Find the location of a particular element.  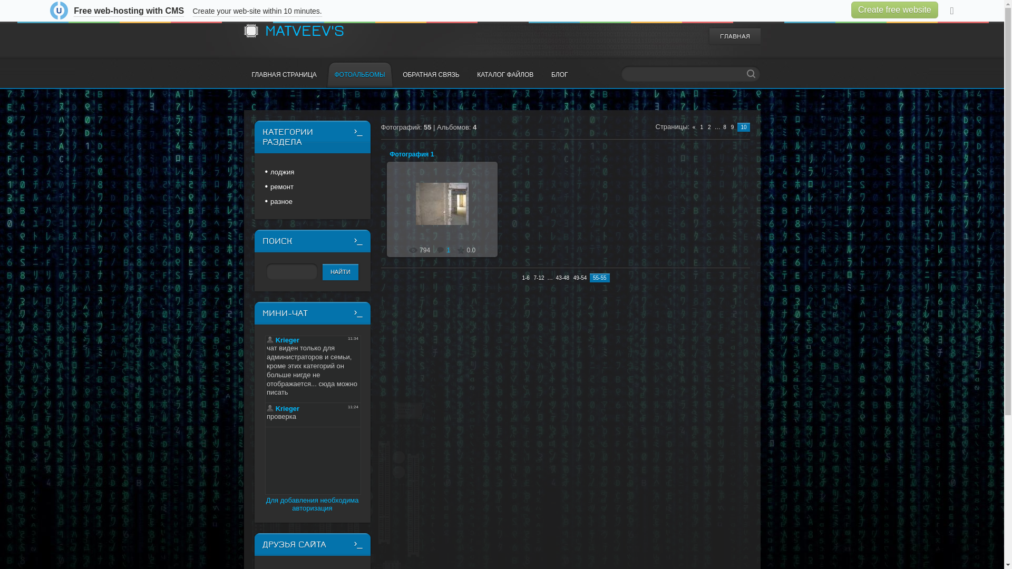

'2' is located at coordinates (709, 126).